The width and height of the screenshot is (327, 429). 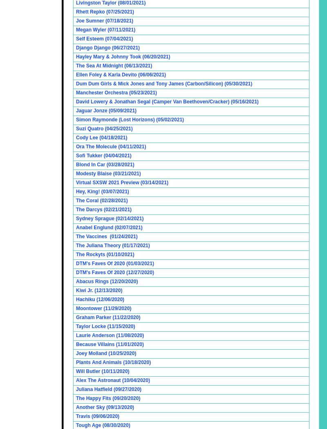 I want to click on 'DTM's Faves Of 2020 (12/27/2020)', so click(x=115, y=272).